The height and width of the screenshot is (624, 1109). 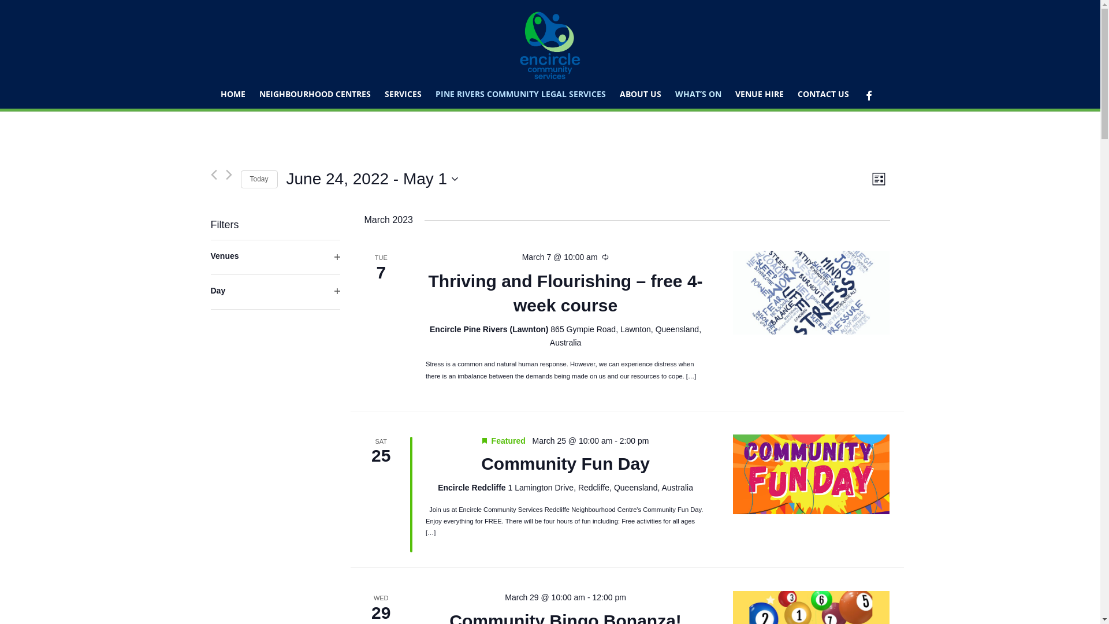 I want to click on 'CONTACT US', so click(x=822, y=93).